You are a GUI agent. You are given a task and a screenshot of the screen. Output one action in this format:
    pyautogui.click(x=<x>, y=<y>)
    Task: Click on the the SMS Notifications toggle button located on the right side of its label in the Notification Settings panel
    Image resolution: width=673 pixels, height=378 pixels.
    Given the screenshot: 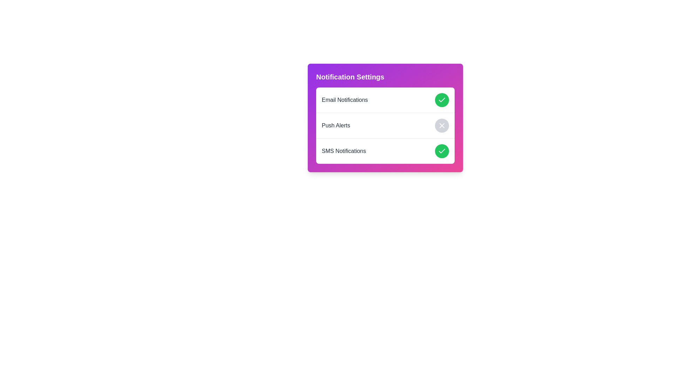 What is the action you would take?
    pyautogui.click(x=442, y=151)
    